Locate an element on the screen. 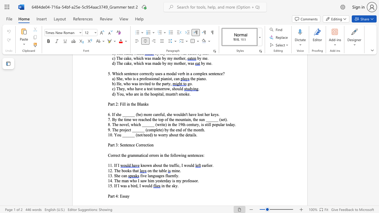 This screenshot has width=379, height=213. the subset text "ble" within the text "on the table" is located at coordinates (162, 171).